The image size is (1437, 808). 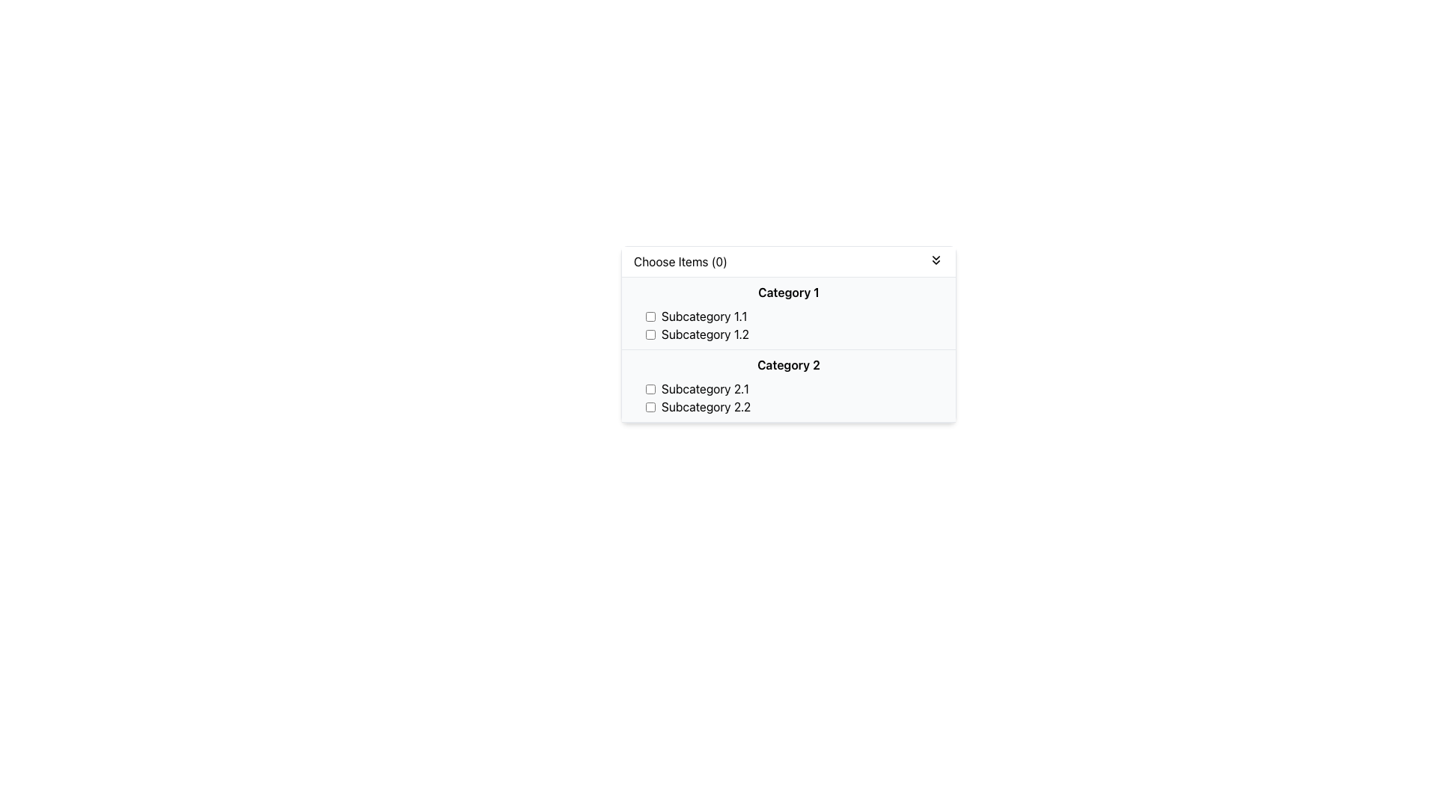 What do you see at coordinates (788, 385) in the screenshot?
I see `the checkboxes in the 'Category 2' dropdown section, which contains the checkable subcategories 'Subcategory 2.1' and 'Subcategory 2.2'` at bounding box center [788, 385].